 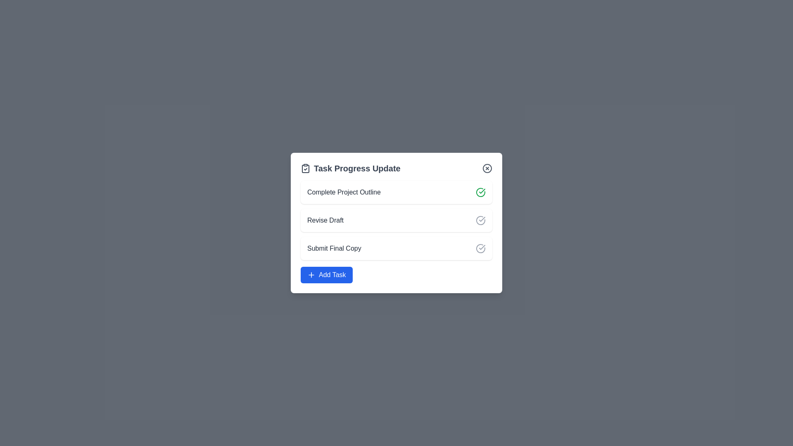 What do you see at coordinates (487, 168) in the screenshot?
I see `the SVG circle graphical component located in the top-right corner of the task progress update modal` at bounding box center [487, 168].